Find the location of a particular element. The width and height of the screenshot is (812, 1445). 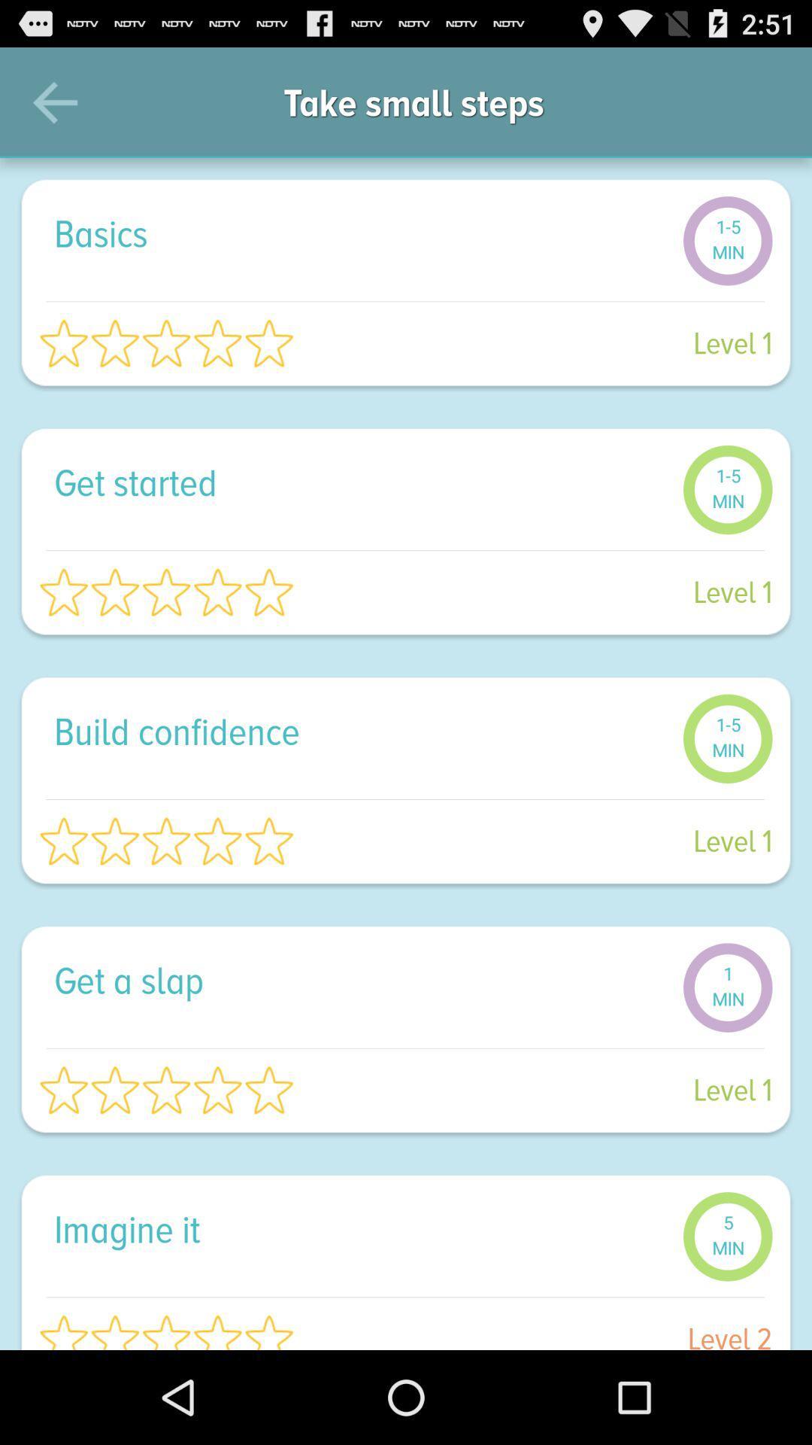

build confidence icon is located at coordinates (360, 731).